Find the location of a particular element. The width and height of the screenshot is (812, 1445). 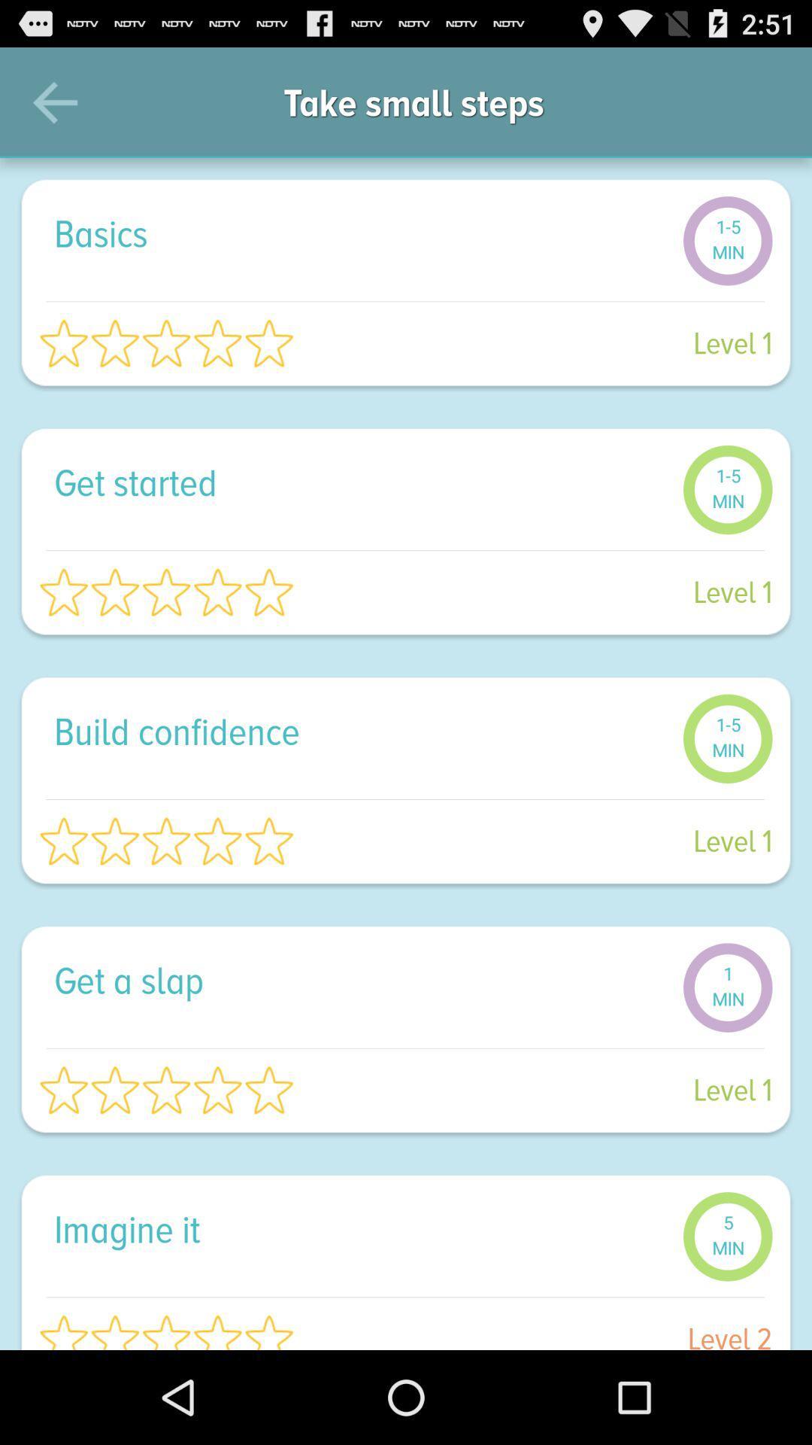

build confidence icon is located at coordinates (360, 731).